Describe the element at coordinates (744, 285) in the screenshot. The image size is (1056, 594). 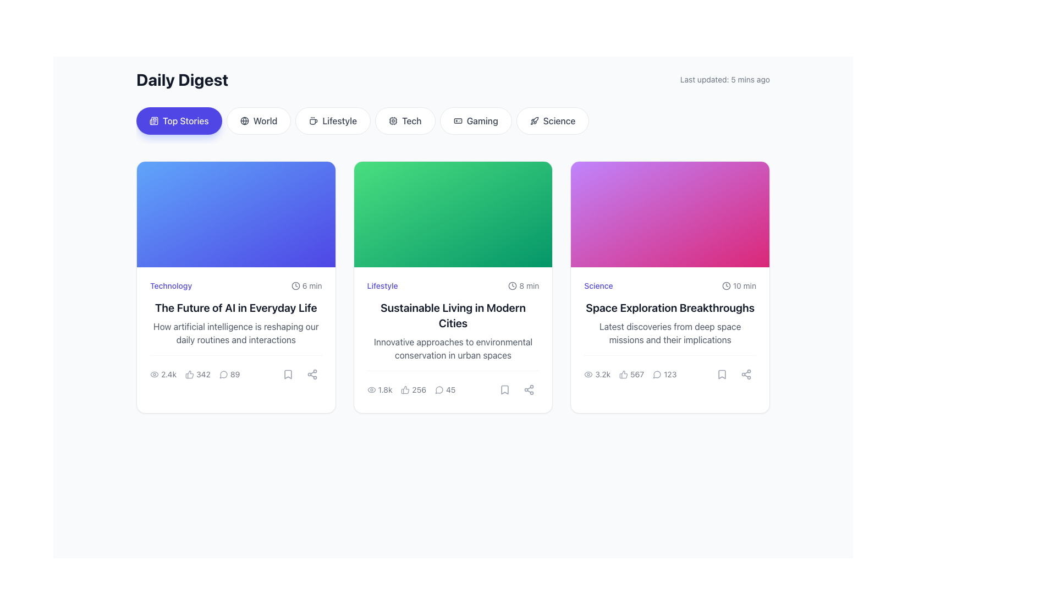
I see `the static text label displaying '10 min' which is located in the top right section of the third card under the 'Science' category, adjacent to a clock icon` at that location.